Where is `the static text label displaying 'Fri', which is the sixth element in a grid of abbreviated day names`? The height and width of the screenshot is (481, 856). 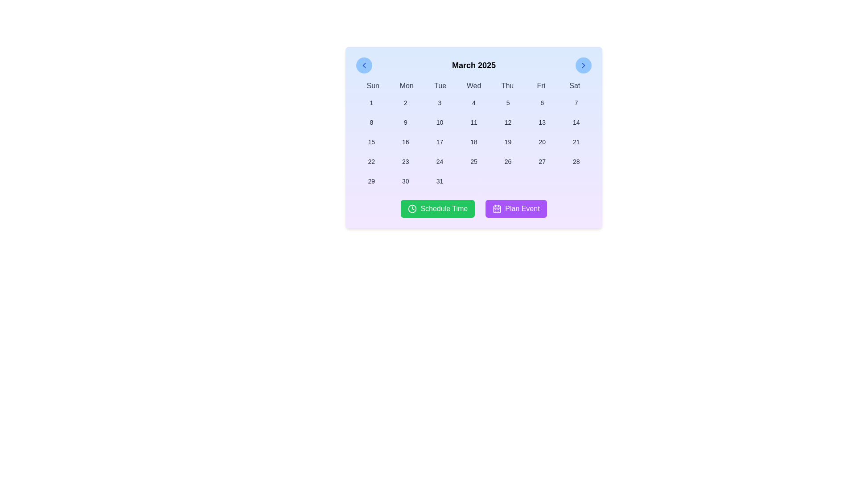 the static text label displaying 'Fri', which is the sixth element in a grid of abbreviated day names is located at coordinates (540, 86).